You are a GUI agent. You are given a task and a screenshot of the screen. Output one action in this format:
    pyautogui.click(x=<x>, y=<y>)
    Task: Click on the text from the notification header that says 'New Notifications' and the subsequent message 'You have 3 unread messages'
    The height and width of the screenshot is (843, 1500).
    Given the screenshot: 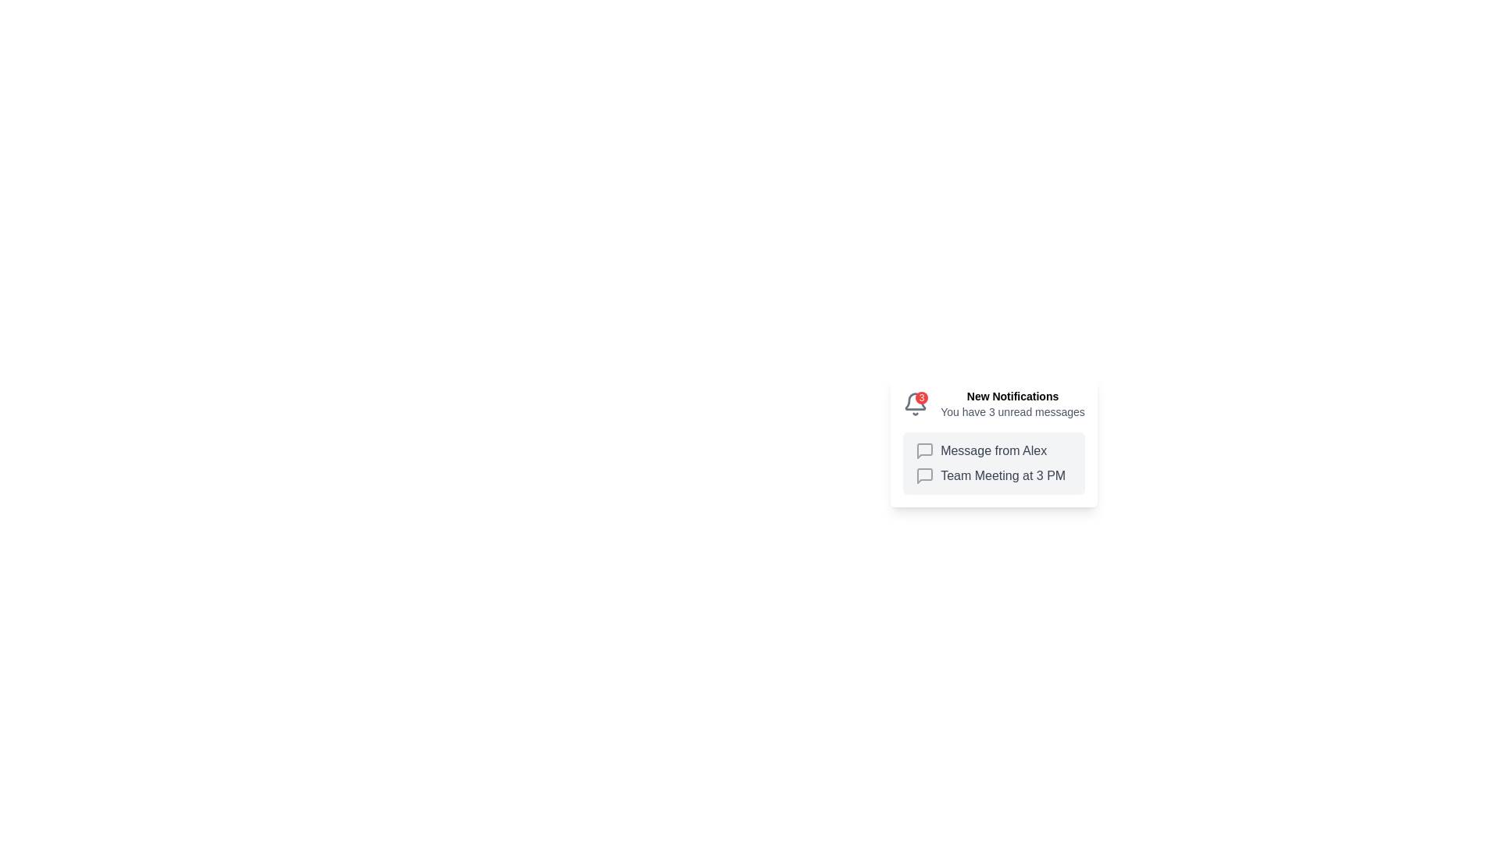 What is the action you would take?
    pyautogui.click(x=1012, y=403)
    